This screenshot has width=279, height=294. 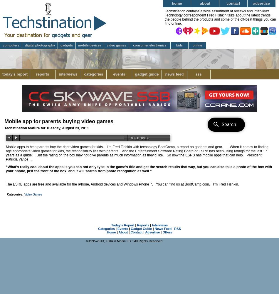 What do you see at coordinates (141, 229) in the screenshot?
I see `'Gadget Guide'` at bounding box center [141, 229].